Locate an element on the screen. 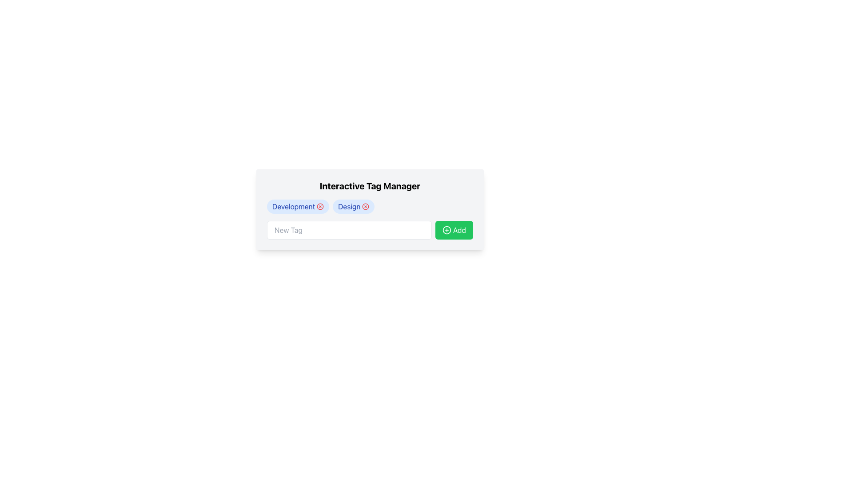 Image resolution: width=853 pixels, height=480 pixels. the 'Design' tag label located in the second tag badge within the horizontal stack, positioned to the right of the 'Development' badge is located at coordinates (349, 207).